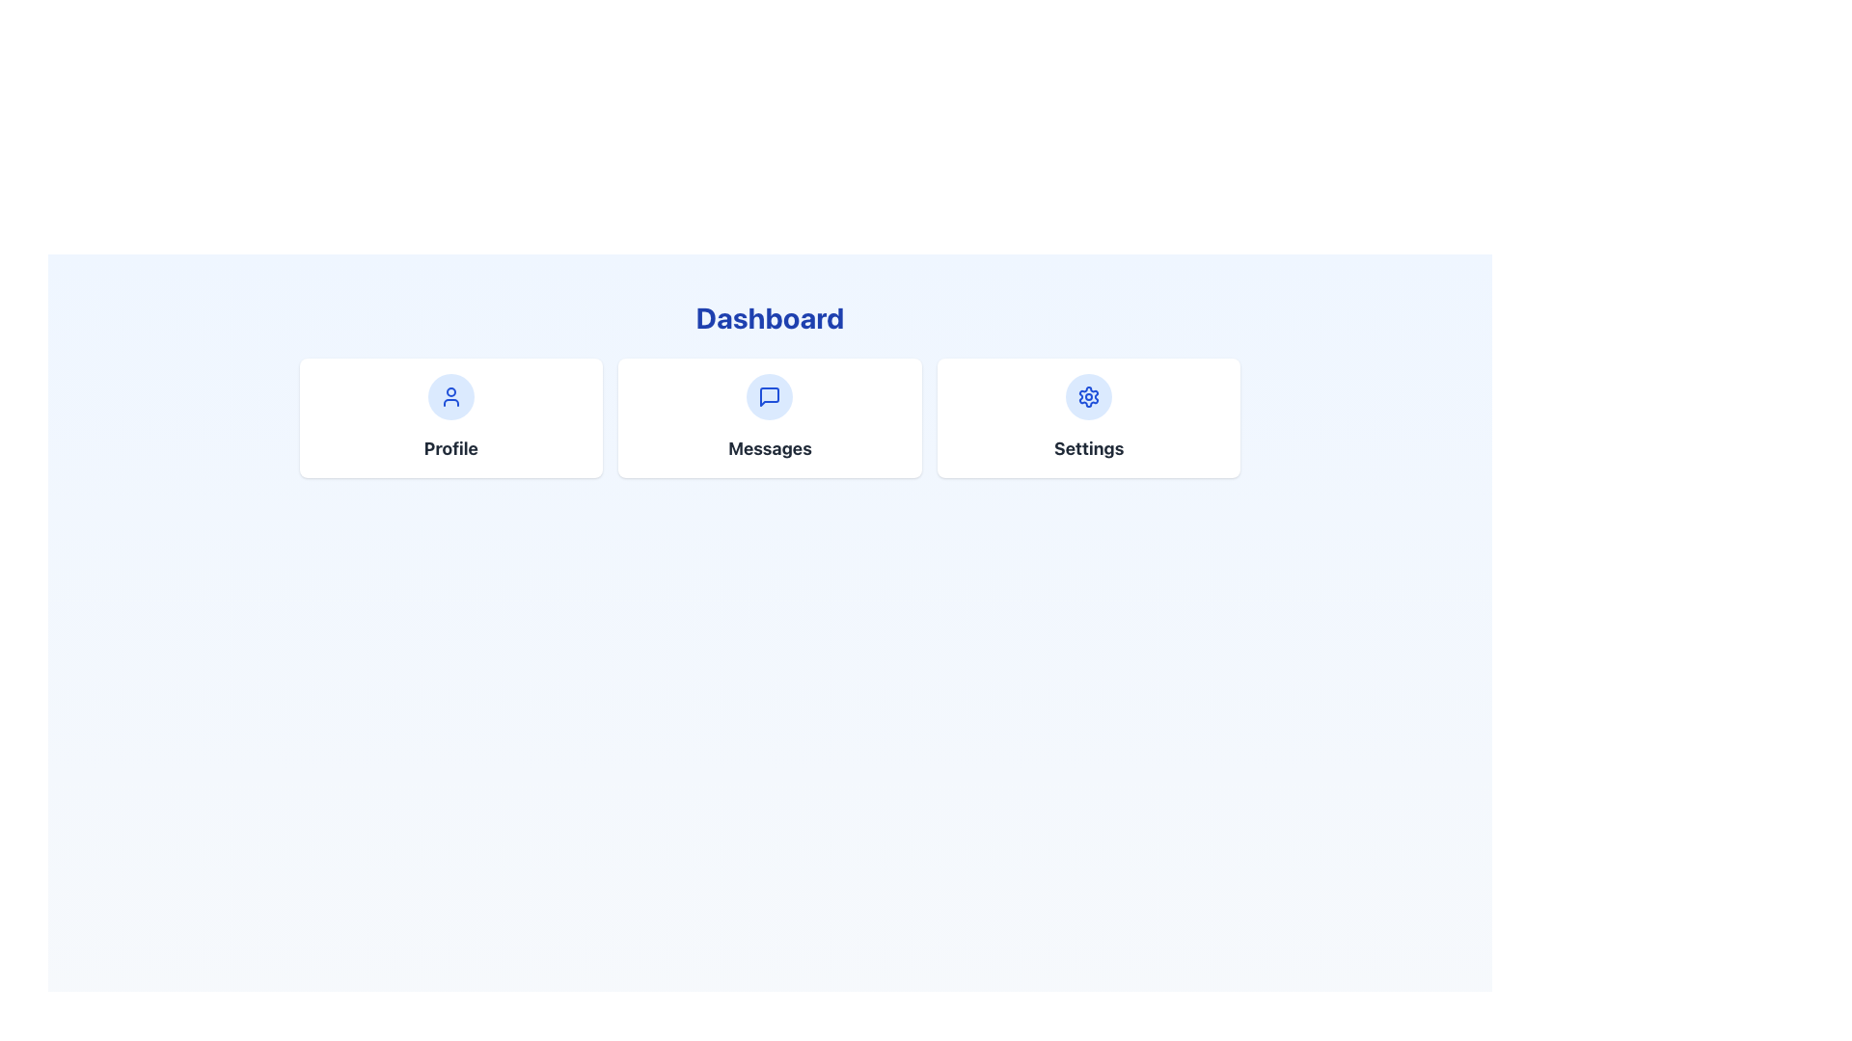  What do you see at coordinates (449, 396) in the screenshot?
I see `the user icon featuring a circular head and torso design with blue outlines, located under the 'Dashboard' title on the left side of the row` at bounding box center [449, 396].